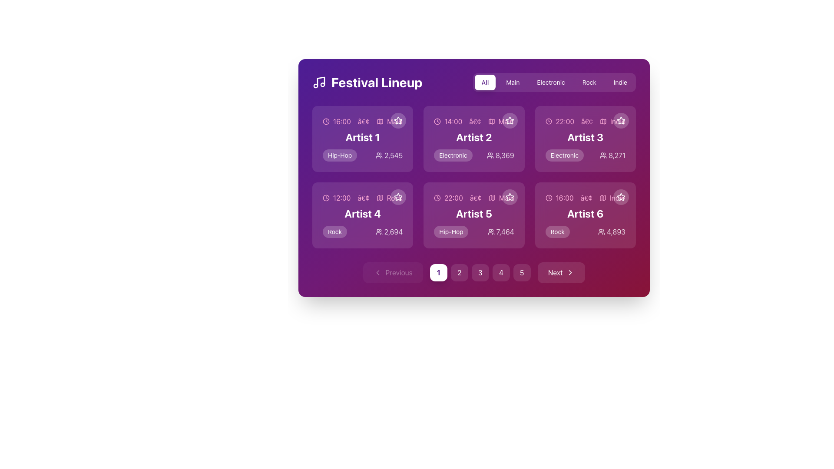  Describe the element at coordinates (380, 198) in the screenshot. I see `the map icon that indicates directions related to 'Artist 4's performance location, located in the bottom-left quadrant of the interface, specifically in the second row, first column, following the clock icon` at that location.